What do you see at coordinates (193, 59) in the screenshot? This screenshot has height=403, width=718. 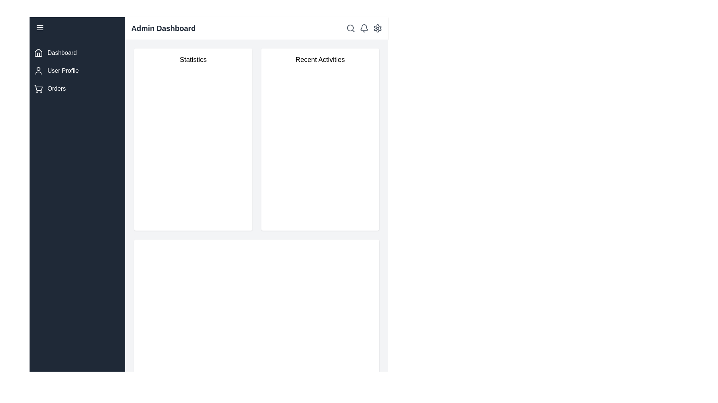 I see `the static text label displaying 'Statistics', which is located within the left white card under the 'Admin Dashboard' header` at bounding box center [193, 59].